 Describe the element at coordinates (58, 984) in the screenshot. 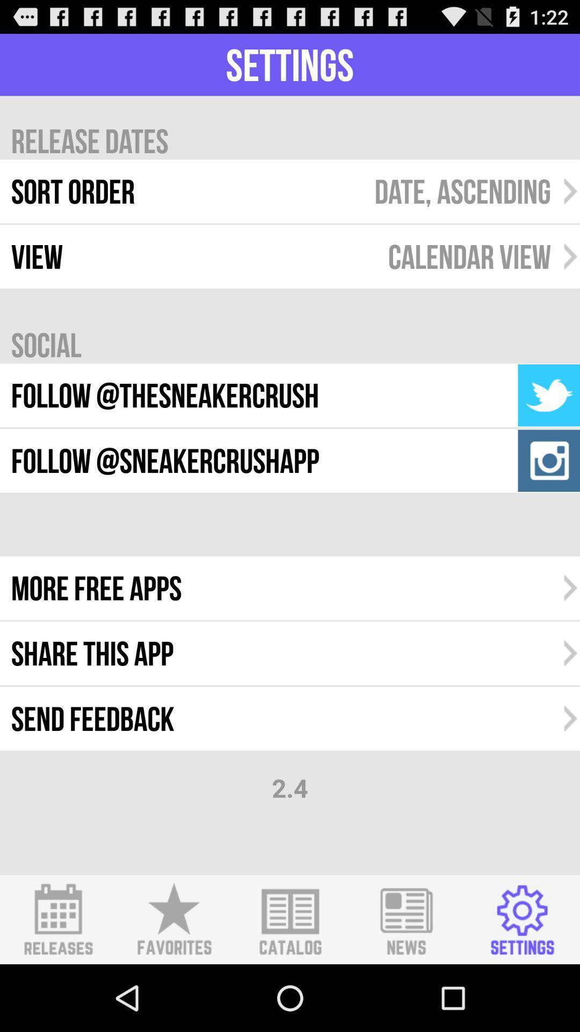

I see `the date_range icon` at that location.